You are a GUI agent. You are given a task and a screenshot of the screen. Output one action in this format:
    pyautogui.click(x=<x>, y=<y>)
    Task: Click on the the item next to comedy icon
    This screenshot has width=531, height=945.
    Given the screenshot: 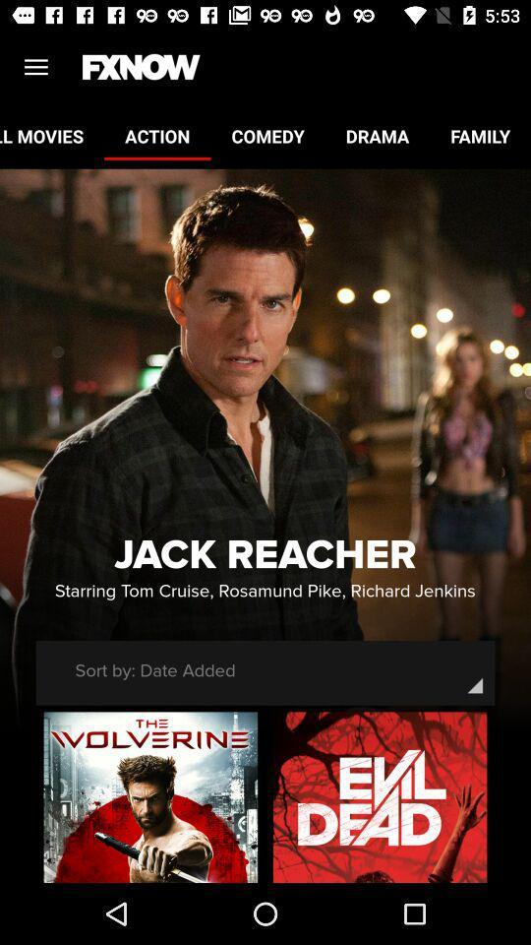 What is the action you would take?
    pyautogui.click(x=156, y=135)
    